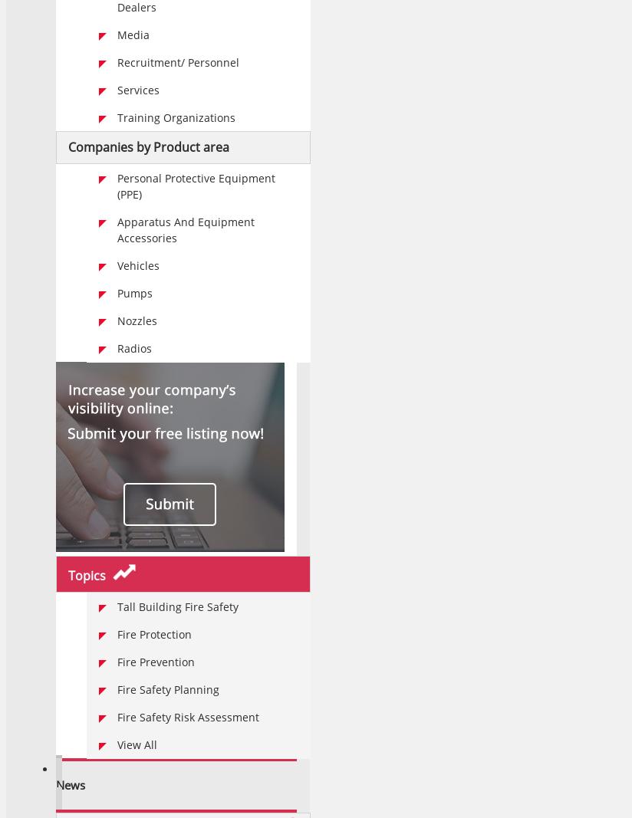 The height and width of the screenshot is (818, 632). I want to click on 'Apparatus and Equipment Accessories', so click(186, 230).